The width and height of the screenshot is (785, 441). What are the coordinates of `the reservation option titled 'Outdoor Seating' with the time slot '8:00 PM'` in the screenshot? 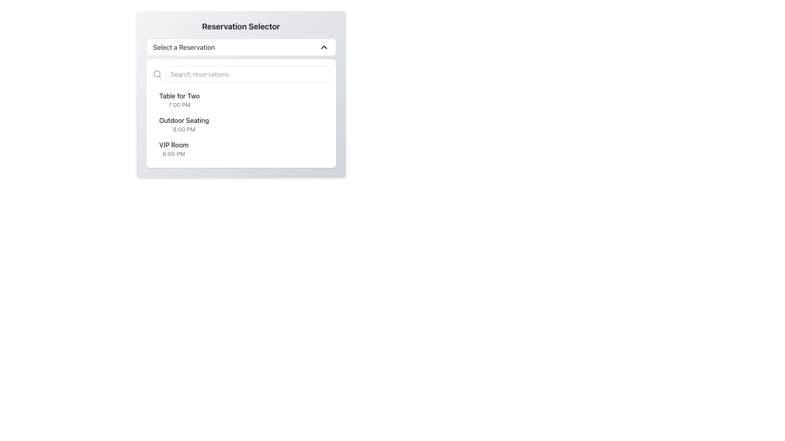 It's located at (240, 124).